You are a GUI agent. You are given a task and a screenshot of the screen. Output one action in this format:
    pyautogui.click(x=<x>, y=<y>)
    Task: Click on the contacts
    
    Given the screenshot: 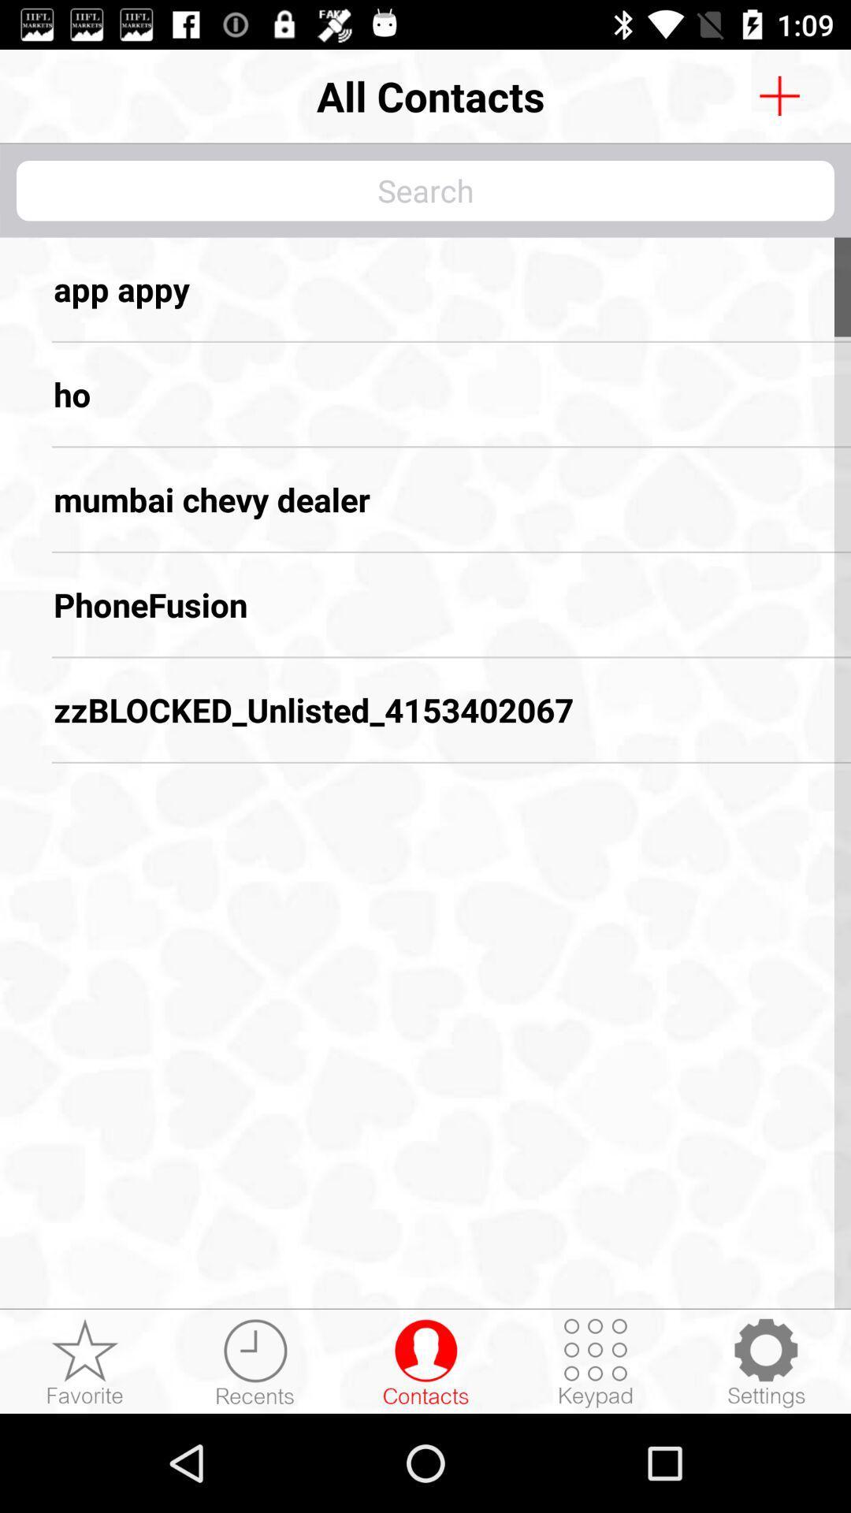 What is the action you would take?
    pyautogui.click(x=779, y=95)
    